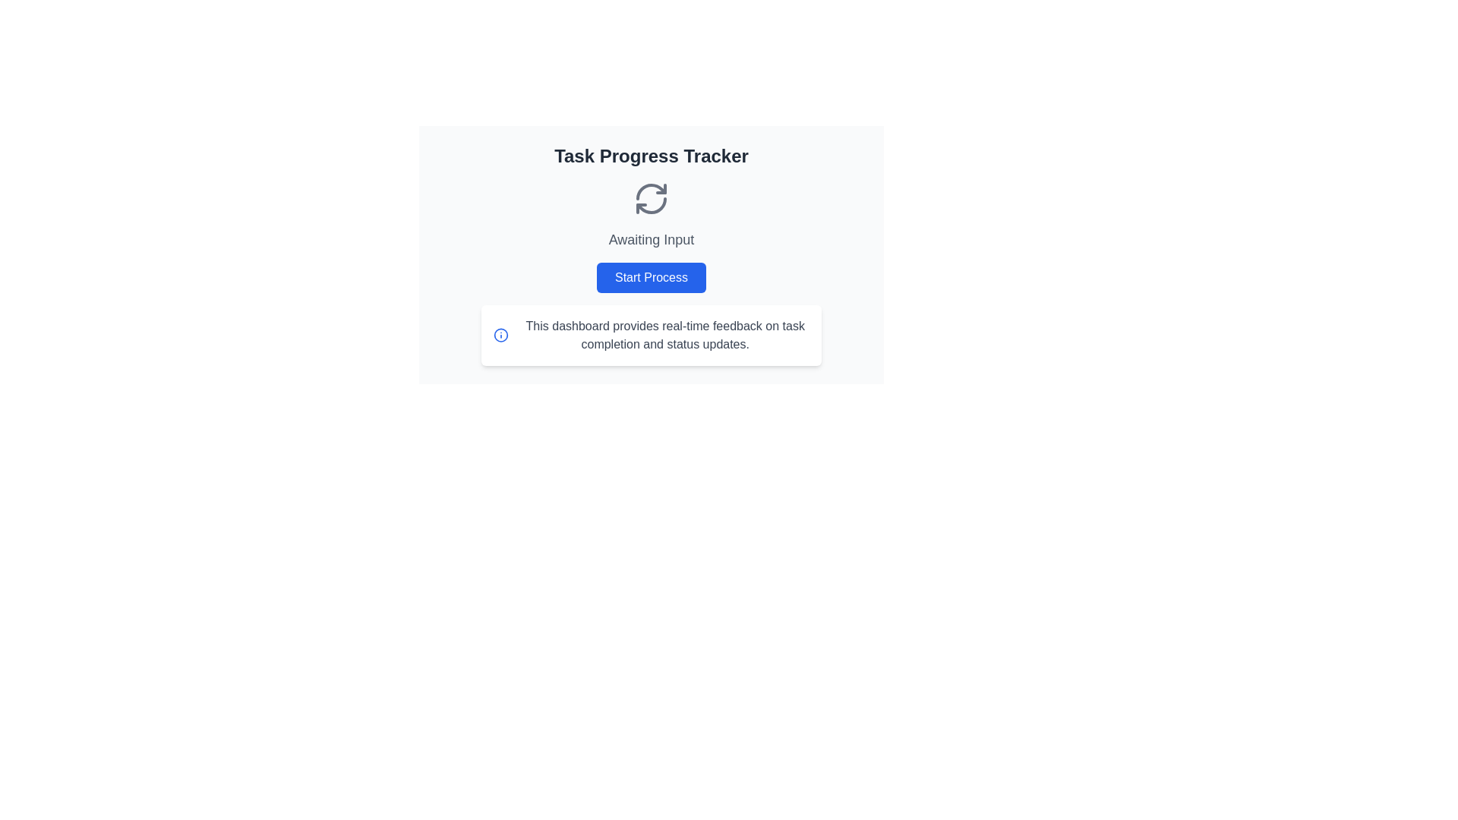 Image resolution: width=1458 pixels, height=820 pixels. What do you see at coordinates (652, 278) in the screenshot?
I see `the 'Start Process' button, which is a rectangular button with a blue background and white text, located below the 'Awaiting Input' text` at bounding box center [652, 278].